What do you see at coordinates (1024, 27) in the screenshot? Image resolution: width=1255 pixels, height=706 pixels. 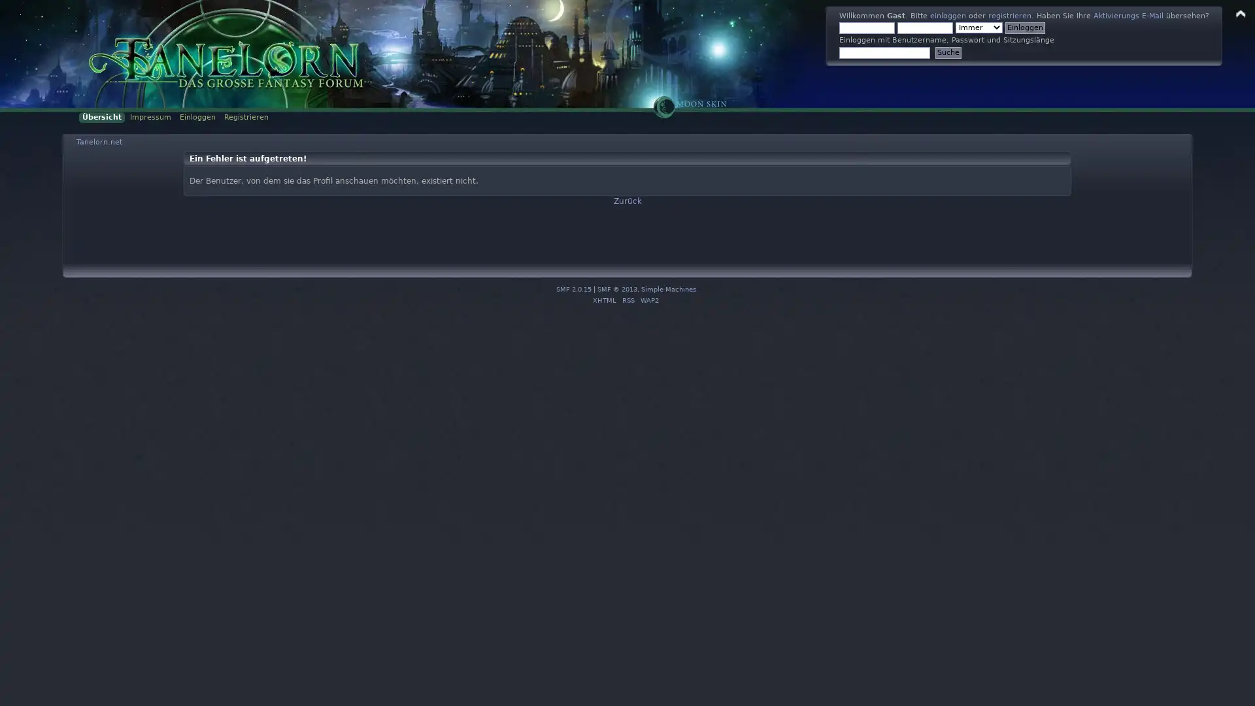 I see `Einloggen` at bounding box center [1024, 27].